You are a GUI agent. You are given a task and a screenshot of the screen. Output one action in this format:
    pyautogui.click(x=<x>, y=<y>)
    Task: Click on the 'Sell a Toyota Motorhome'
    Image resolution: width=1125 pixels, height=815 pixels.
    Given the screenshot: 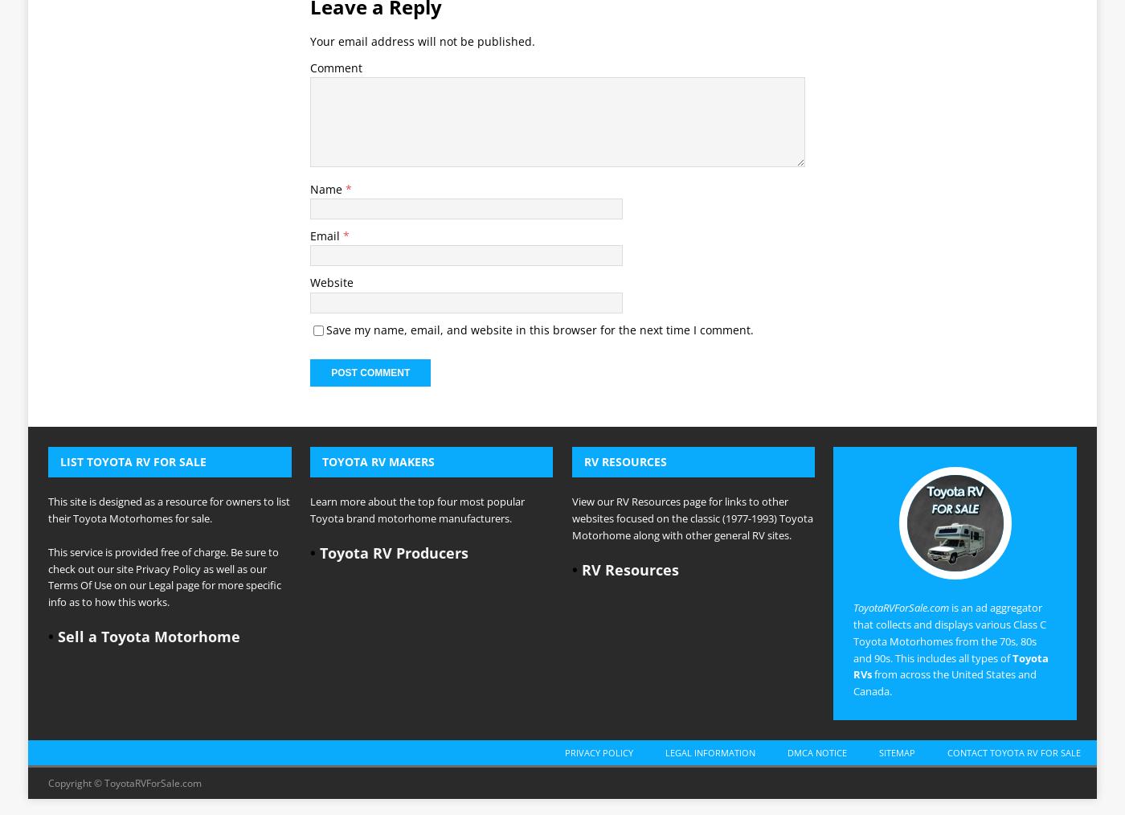 What is the action you would take?
    pyautogui.click(x=149, y=409)
    